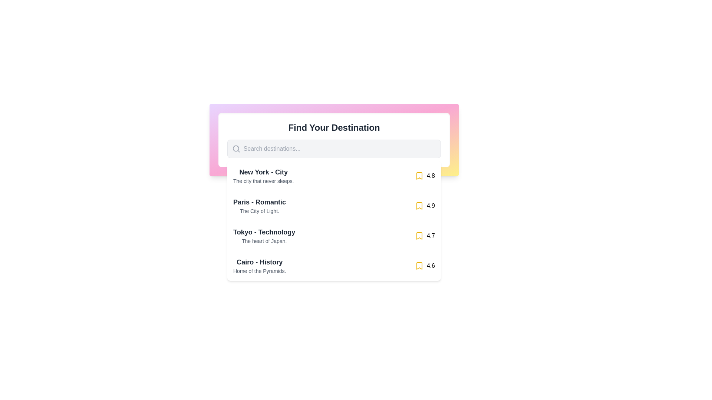 The height and width of the screenshot is (400, 712). I want to click on displayed rating value '4.6' from the Rating display element, which includes a yellow bookmark icon and is located in the fourth row for 'Cairo - History', so click(425, 265).